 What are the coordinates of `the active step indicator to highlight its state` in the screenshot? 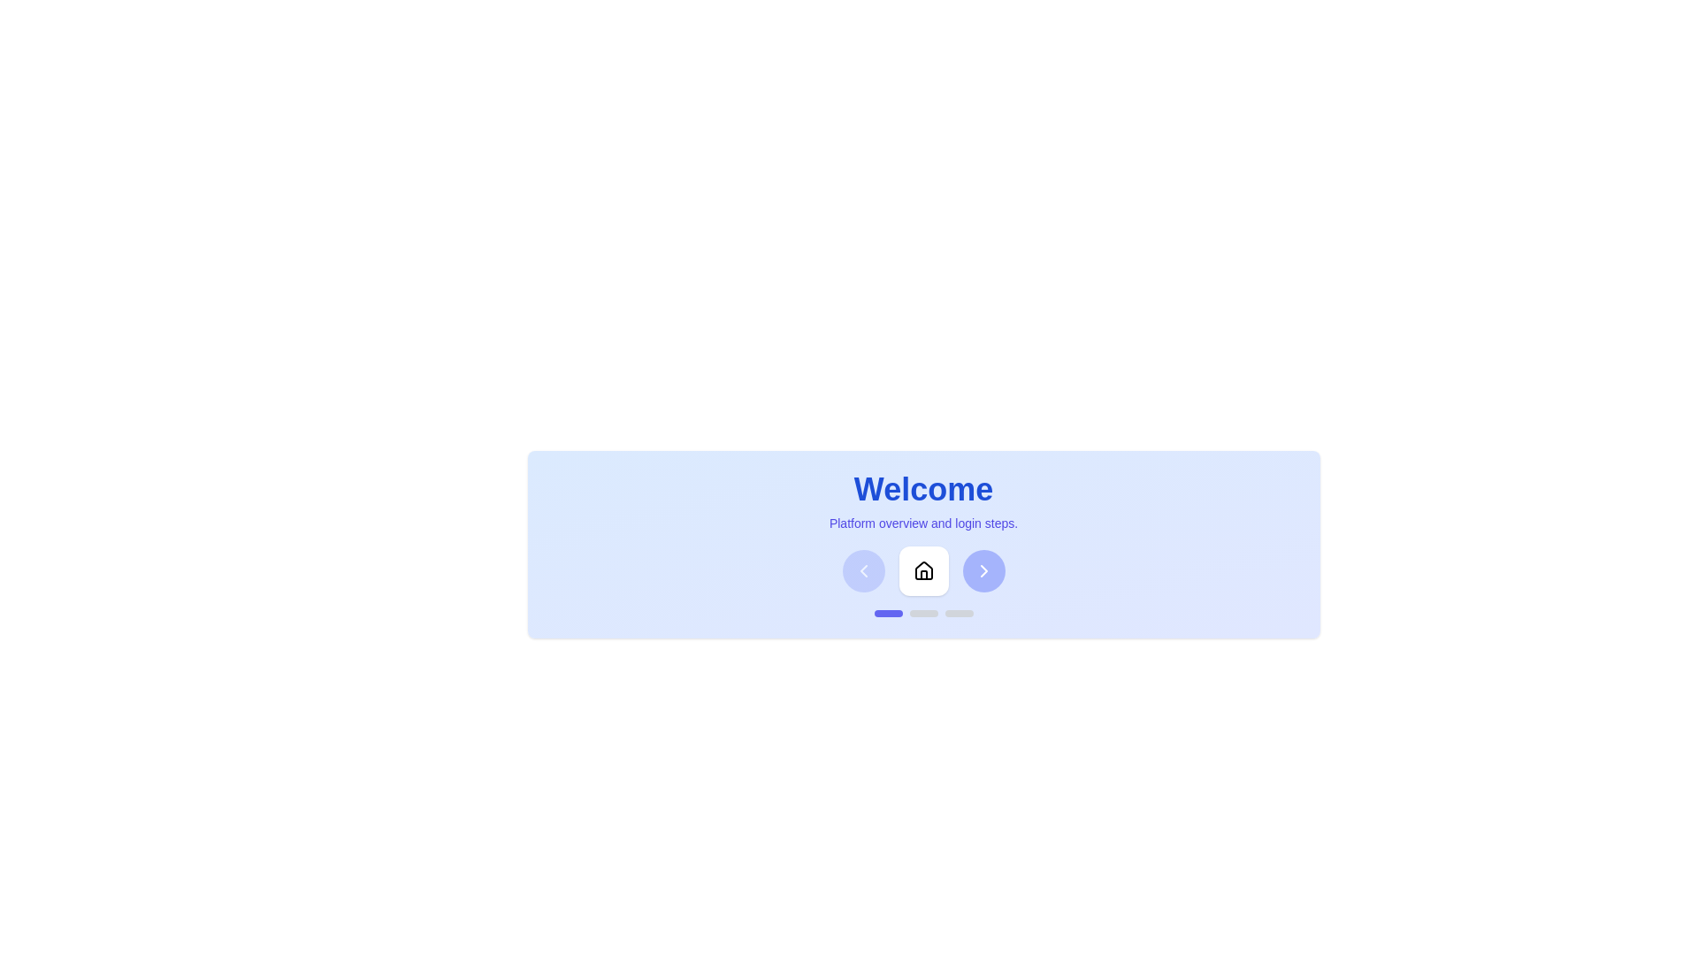 It's located at (888, 613).